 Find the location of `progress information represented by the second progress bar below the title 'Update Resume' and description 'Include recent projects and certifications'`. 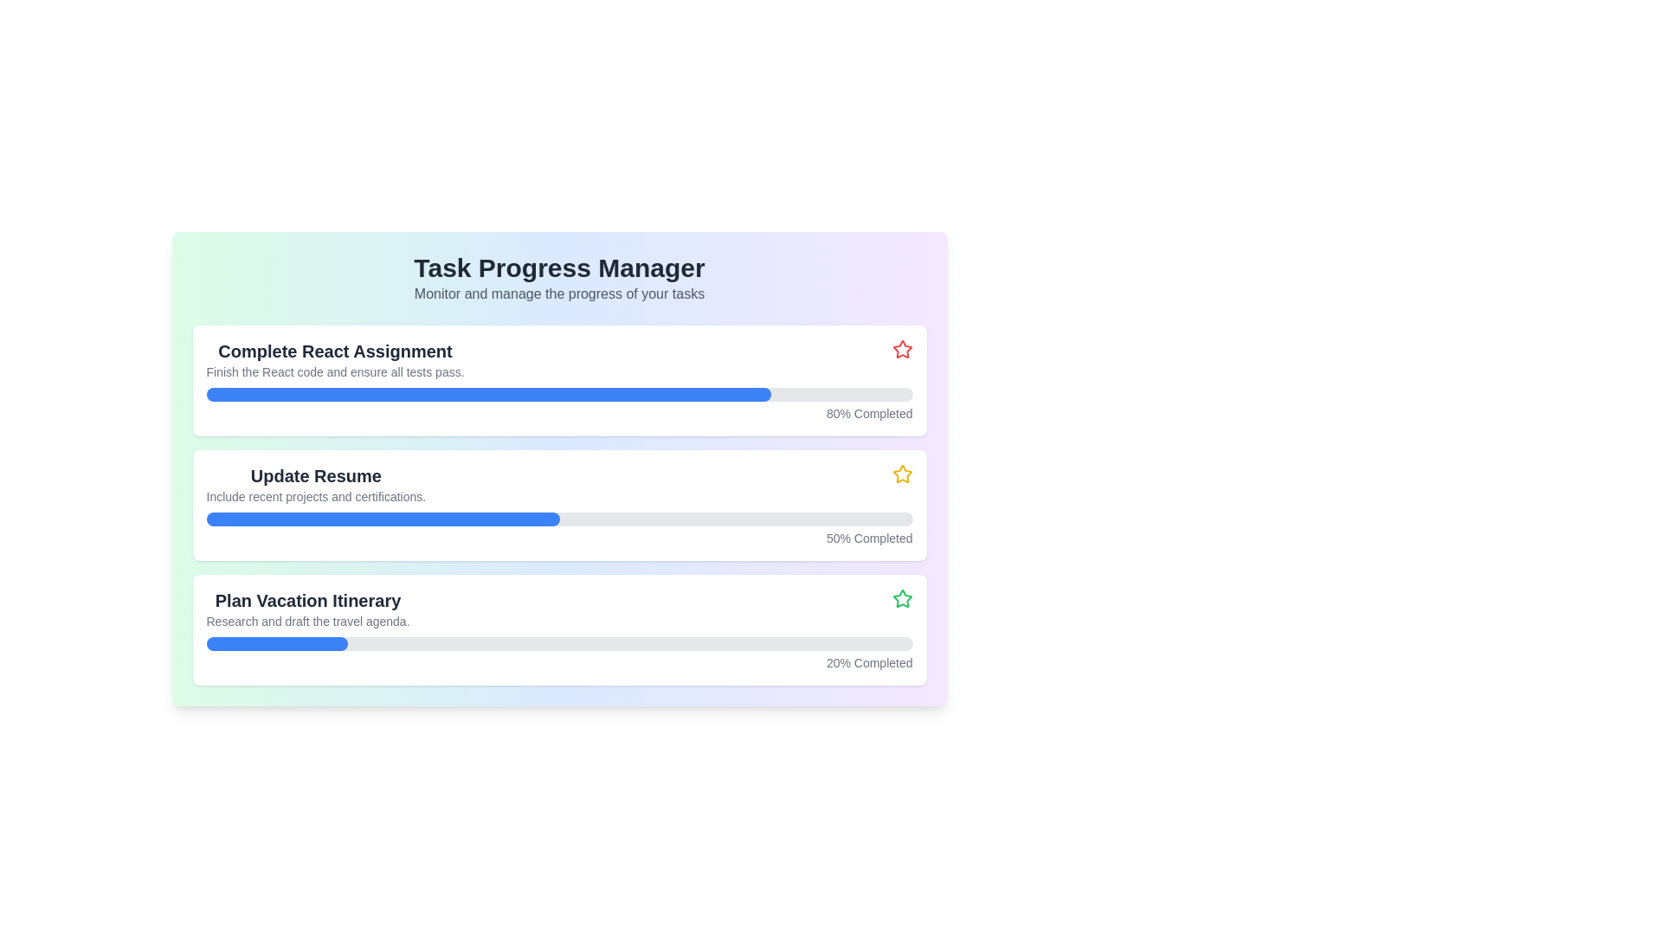

progress information represented by the second progress bar below the title 'Update Resume' and description 'Include recent projects and certifications' is located at coordinates (559, 519).